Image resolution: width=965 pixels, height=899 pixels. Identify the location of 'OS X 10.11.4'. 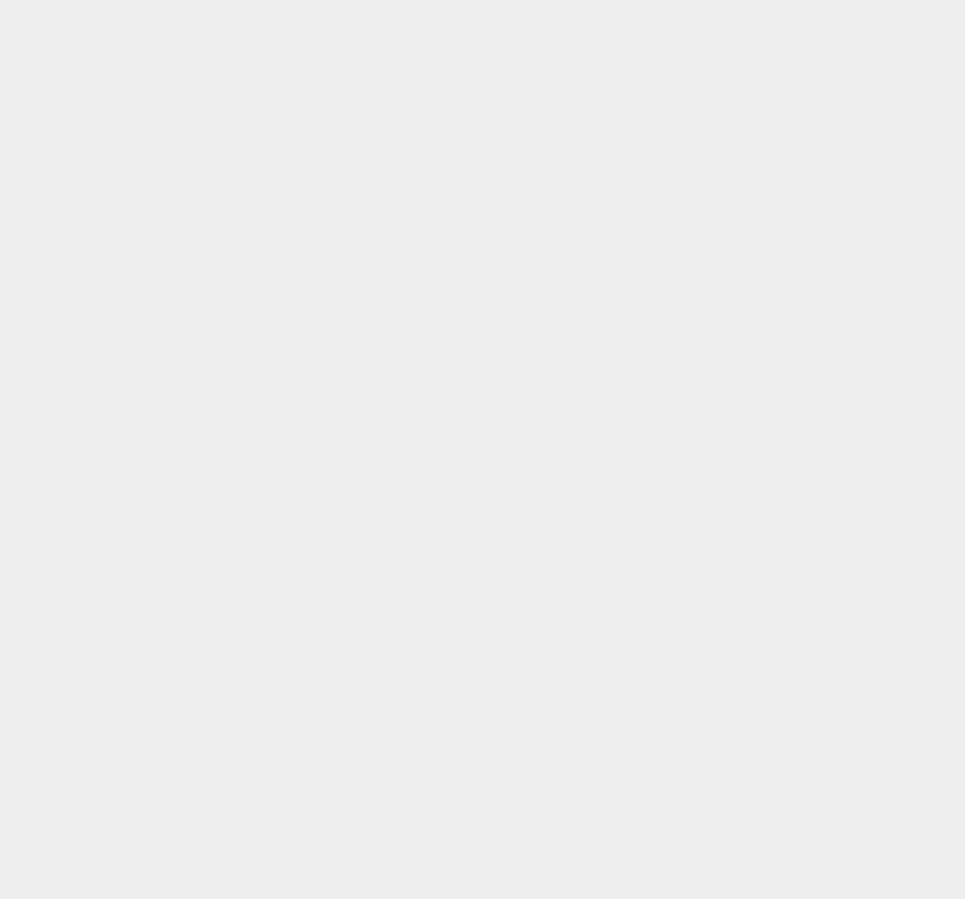
(715, 15).